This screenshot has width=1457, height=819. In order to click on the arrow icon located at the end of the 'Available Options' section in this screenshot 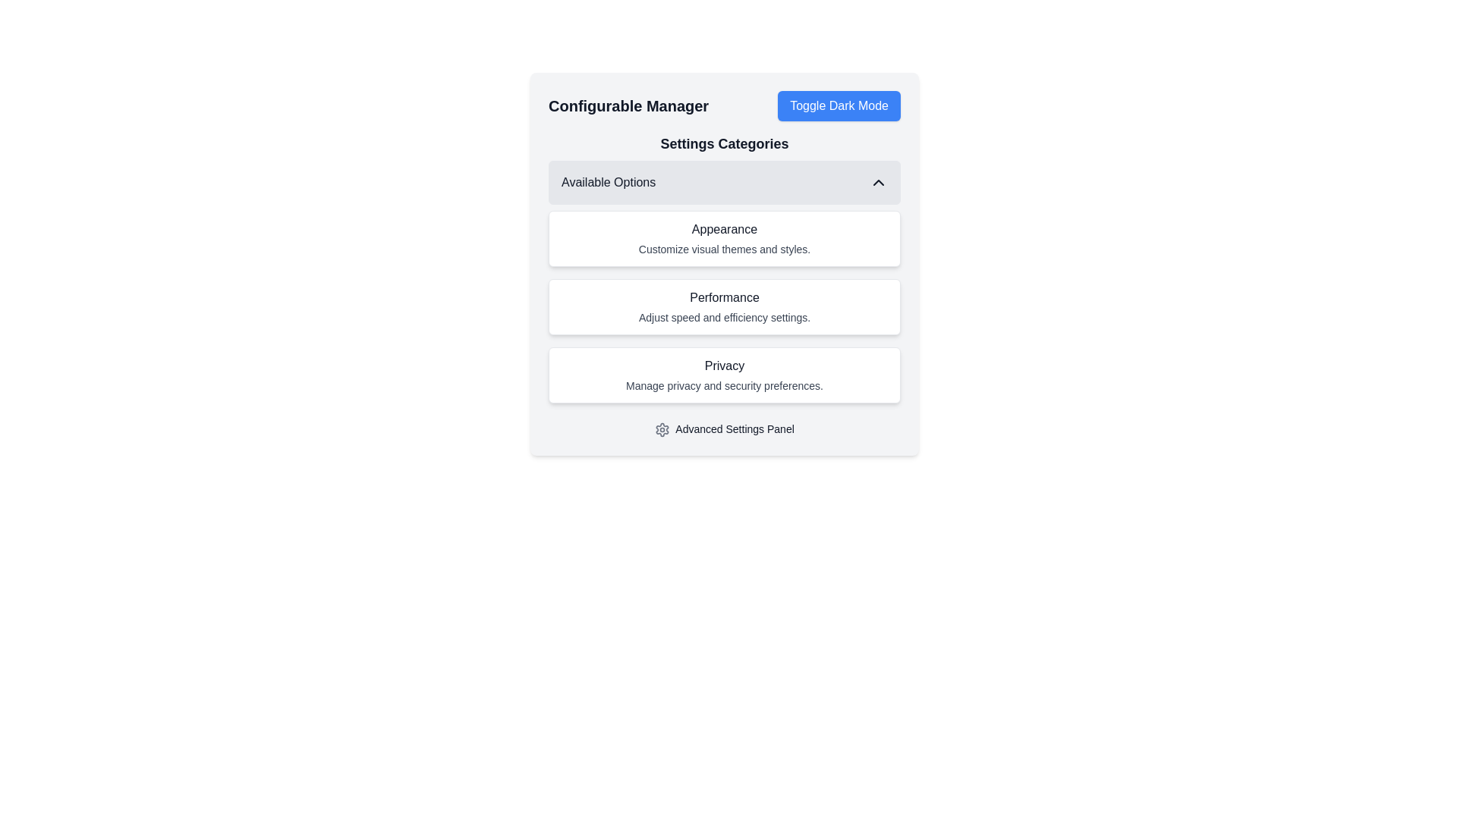, I will do `click(878, 181)`.